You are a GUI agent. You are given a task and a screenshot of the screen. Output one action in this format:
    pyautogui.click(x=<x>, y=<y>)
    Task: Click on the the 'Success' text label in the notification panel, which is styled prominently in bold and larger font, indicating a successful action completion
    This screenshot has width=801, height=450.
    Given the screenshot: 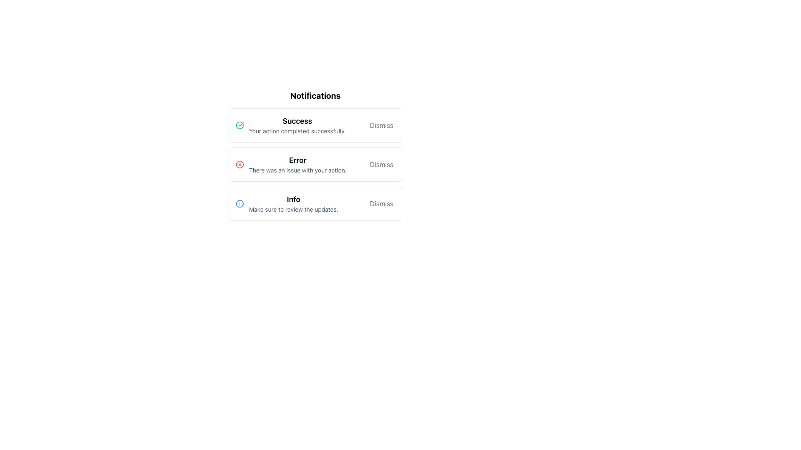 What is the action you would take?
    pyautogui.click(x=297, y=121)
    